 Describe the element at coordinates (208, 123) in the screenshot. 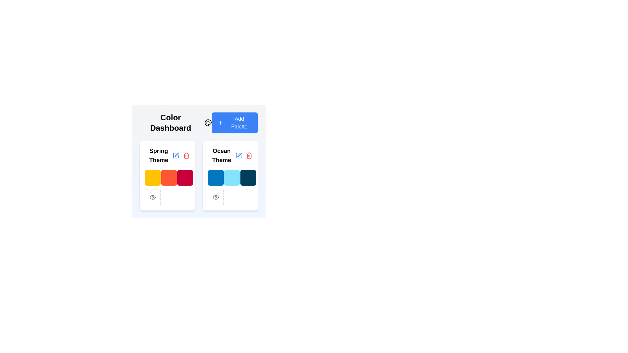

I see `the color palette icon located beside the 'Add Palette' button at the top right section of the interface within the color dashboard layout` at that location.